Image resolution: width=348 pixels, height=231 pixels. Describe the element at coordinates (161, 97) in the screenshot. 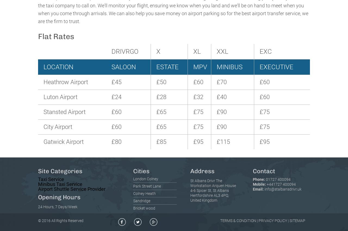

I see `'£28'` at that location.